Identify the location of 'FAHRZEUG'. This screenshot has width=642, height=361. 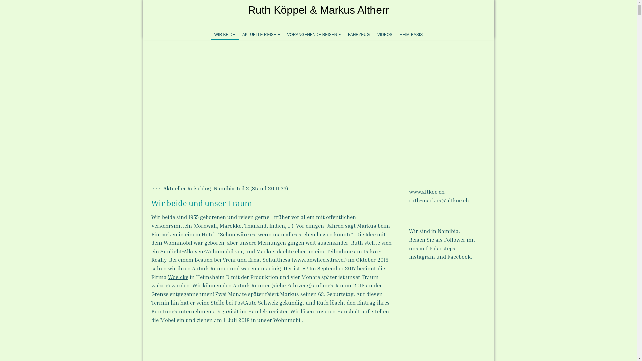
(358, 35).